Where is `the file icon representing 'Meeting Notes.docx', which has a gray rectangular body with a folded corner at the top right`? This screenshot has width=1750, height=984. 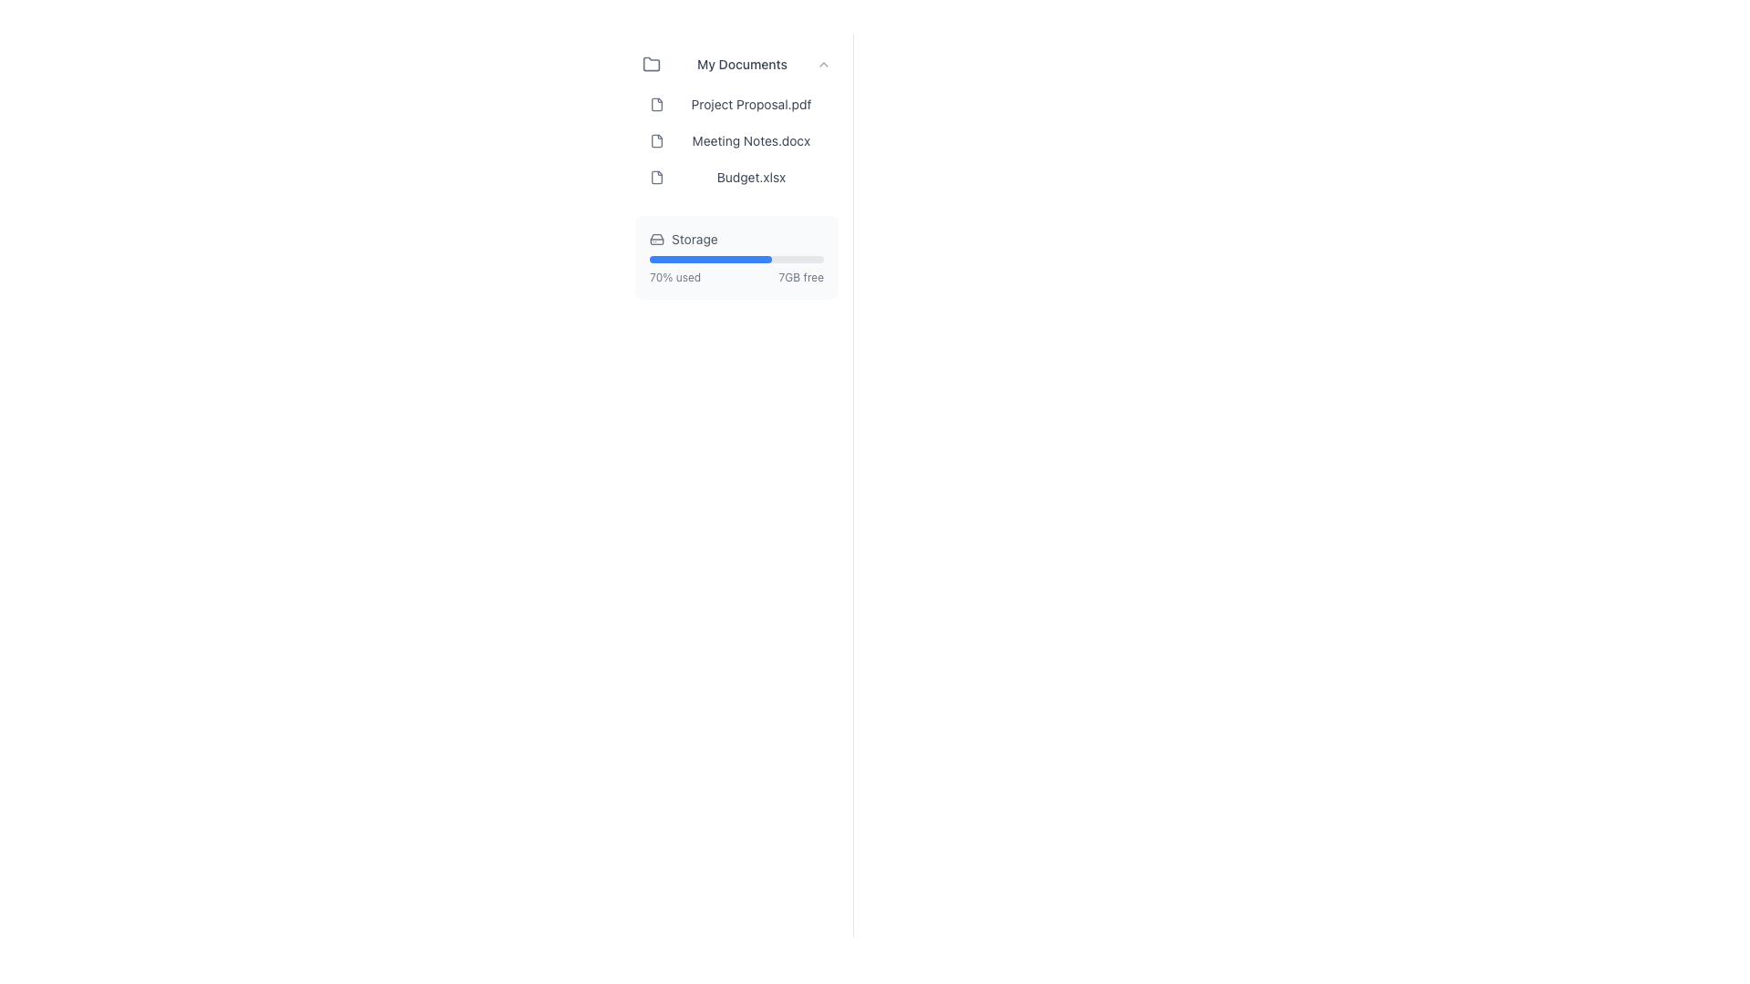 the file icon representing 'Meeting Notes.docx', which has a gray rectangular body with a folded corner at the top right is located at coordinates (656, 139).